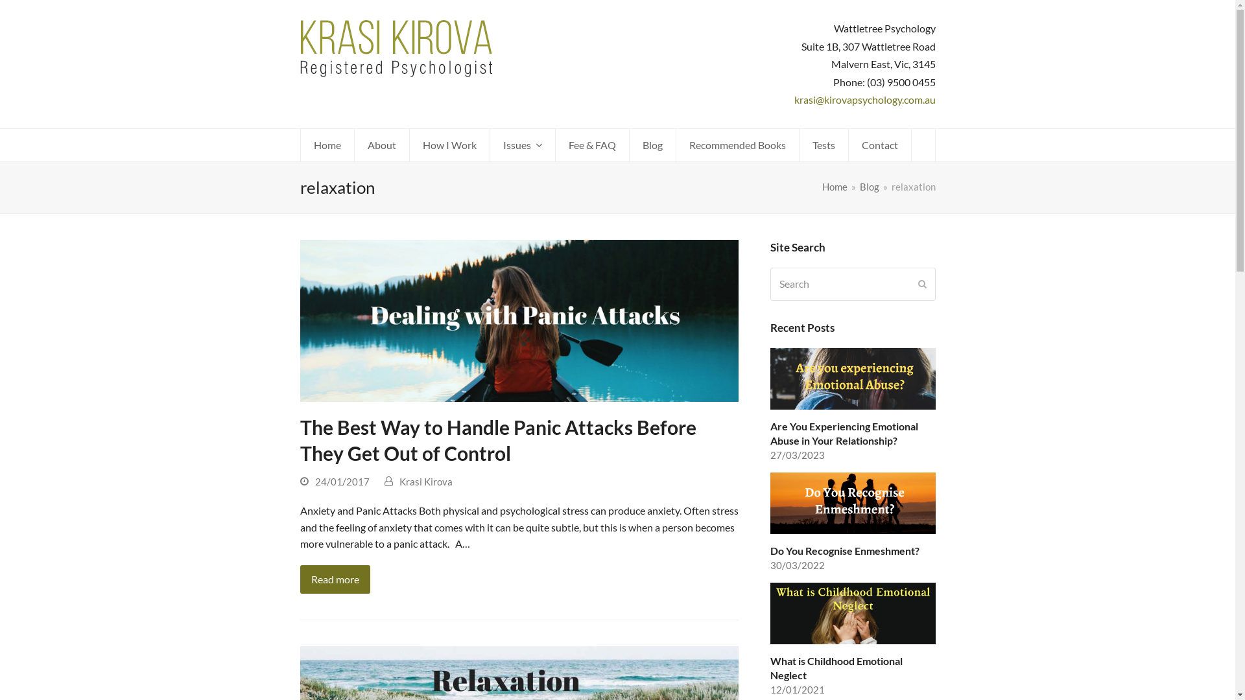 The width and height of the screenshot is (1245, 700). Describe the element at coordinates (334, 579) in the screenshot. I see `'Read more'` at that location.